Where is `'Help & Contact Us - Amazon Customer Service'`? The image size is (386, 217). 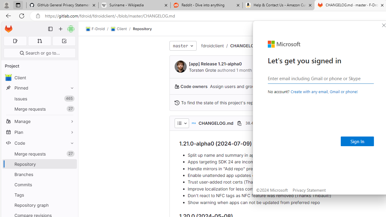
'Help & Contact Us - Amazon Customer Service' is located at coordinates (278, 5).